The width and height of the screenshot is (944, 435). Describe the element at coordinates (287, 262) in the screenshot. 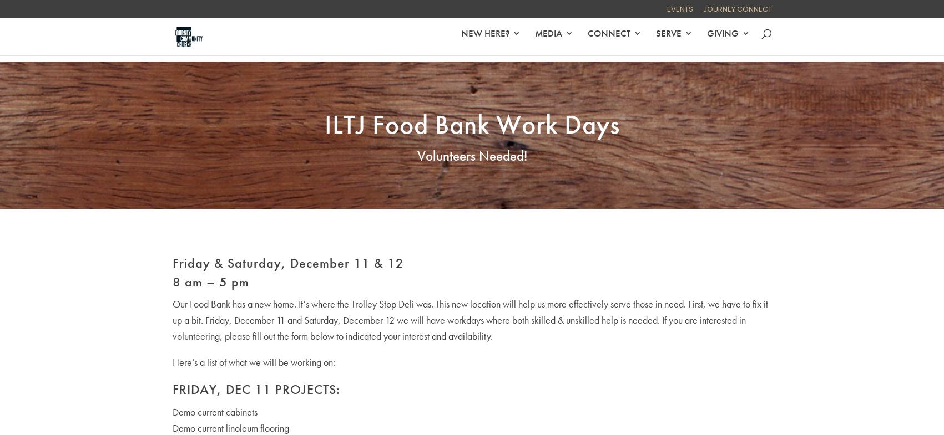

I see `'Friday & Saturday, December 11 & 12'` at that location.